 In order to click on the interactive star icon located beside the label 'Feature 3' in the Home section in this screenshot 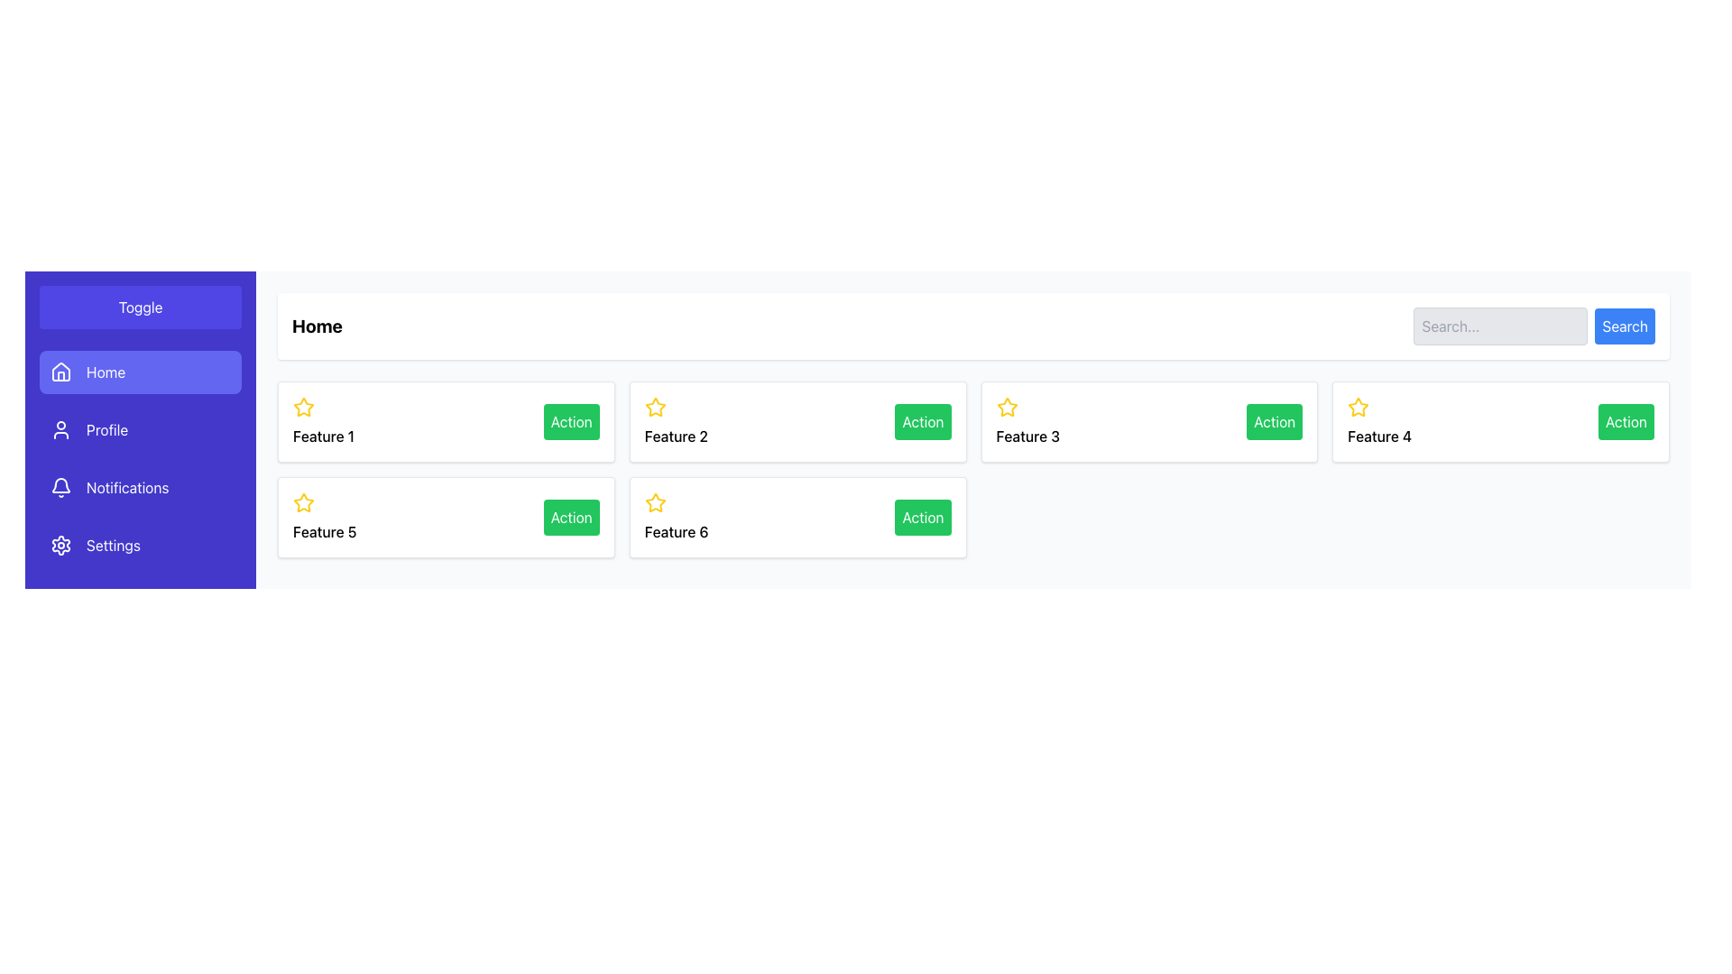, I will do `click(1006, 407)`.